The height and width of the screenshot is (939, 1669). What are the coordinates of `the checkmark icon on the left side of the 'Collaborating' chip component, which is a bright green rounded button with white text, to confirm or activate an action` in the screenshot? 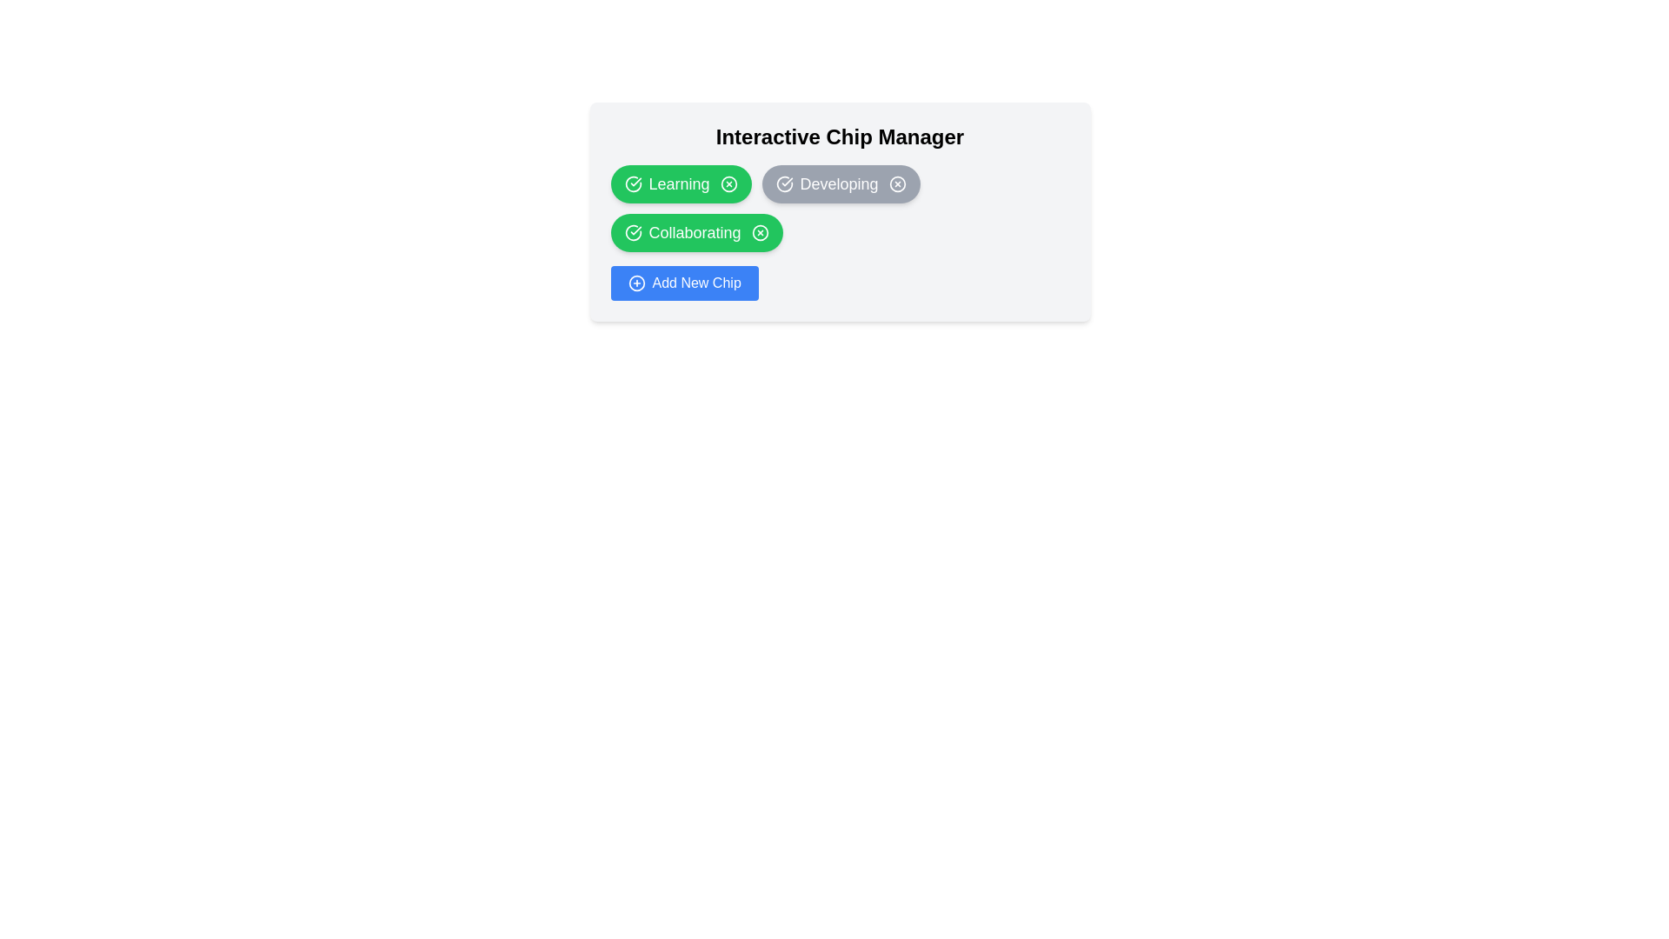 It's located at (696, 231).